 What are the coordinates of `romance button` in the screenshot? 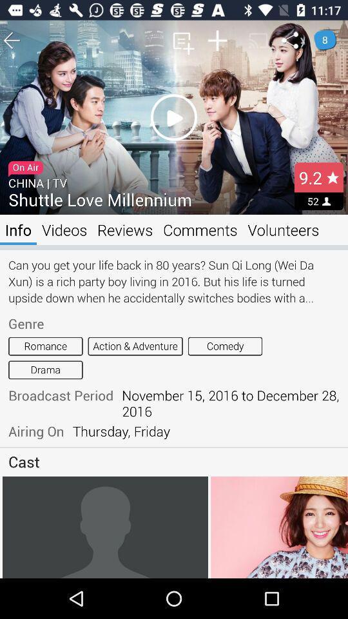 It's located at (44, 346).